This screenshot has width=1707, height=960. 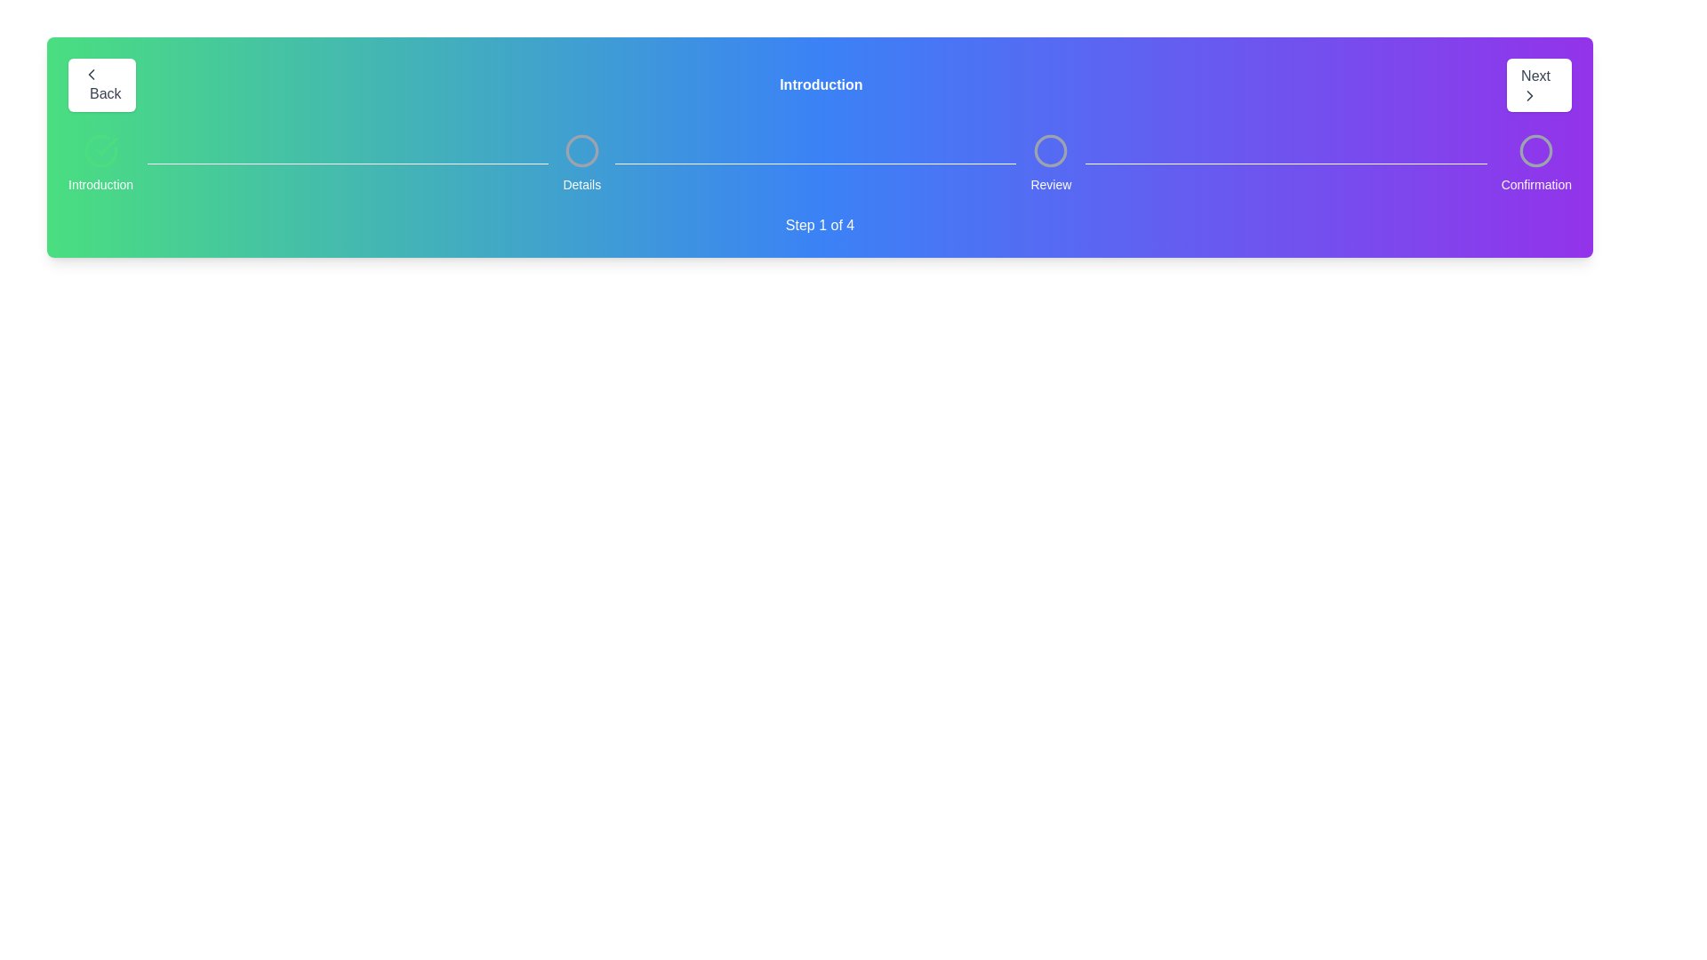 What do you see at coordinates (1535, 149) in the screenshot?
I see `the inactive circular graphical indicator, which is the last circle in a series of four in the progress tracker, located to the right of the 'Review' step circle` at bounding box center [1535, 149].